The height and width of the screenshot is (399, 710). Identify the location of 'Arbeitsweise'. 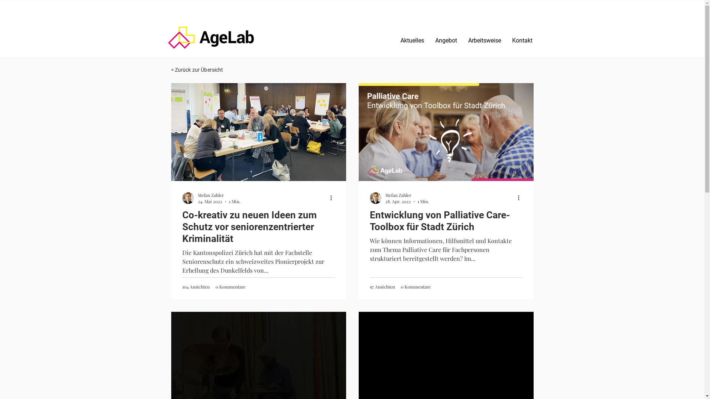
(484, 40).